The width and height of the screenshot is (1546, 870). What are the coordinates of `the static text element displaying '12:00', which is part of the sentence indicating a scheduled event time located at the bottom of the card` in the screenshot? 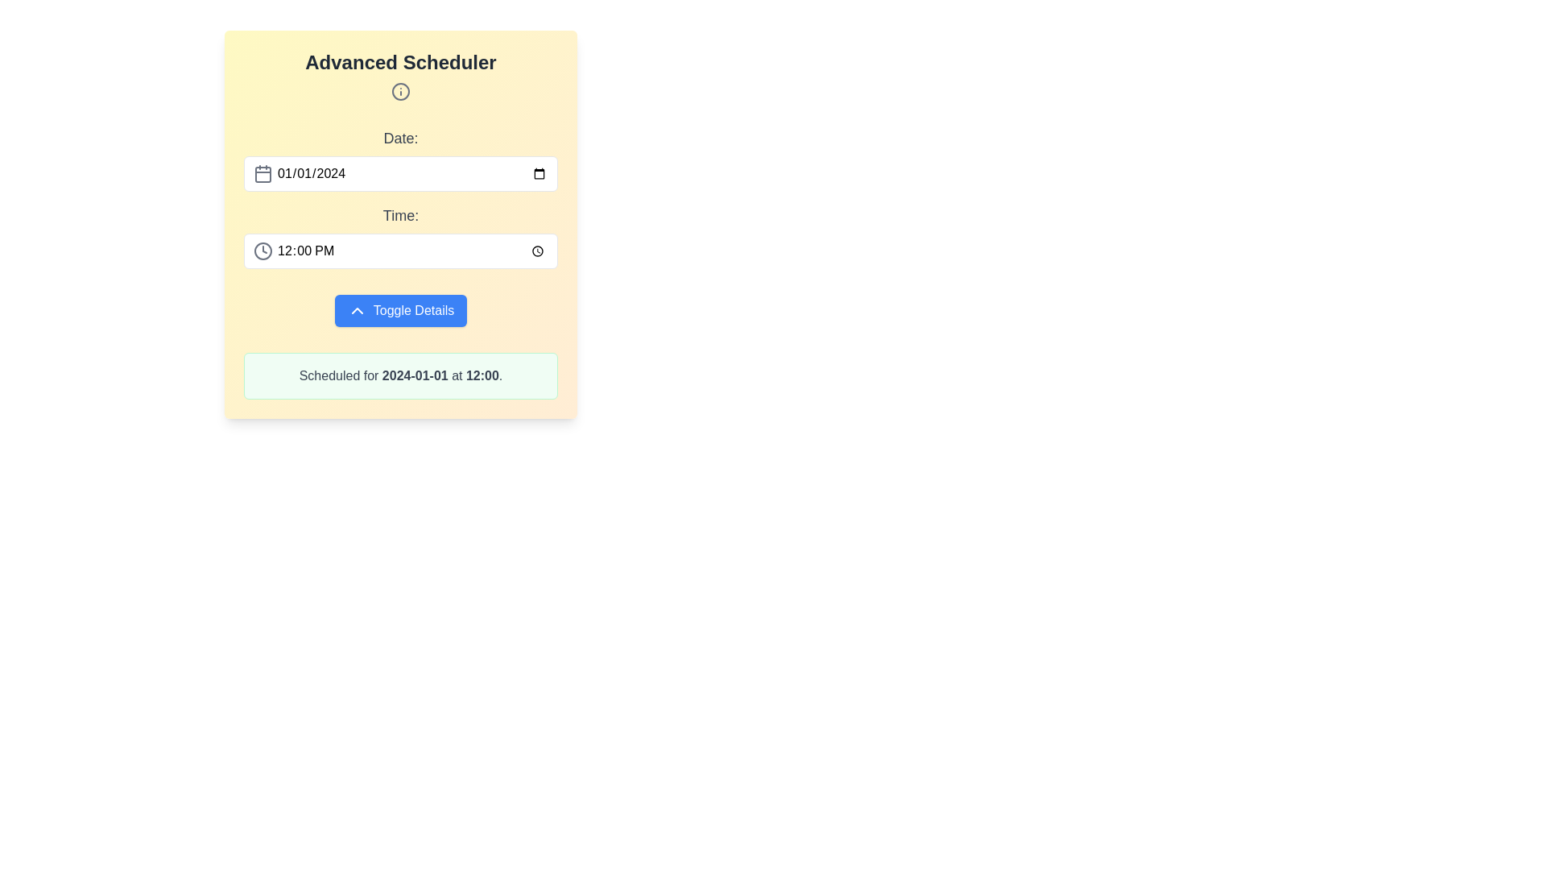 It's located at (482, 375).